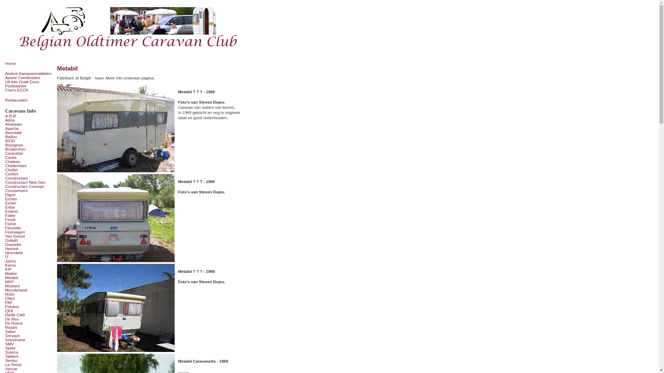  I want to click on 'Constructam Concept', so click(5, 186).